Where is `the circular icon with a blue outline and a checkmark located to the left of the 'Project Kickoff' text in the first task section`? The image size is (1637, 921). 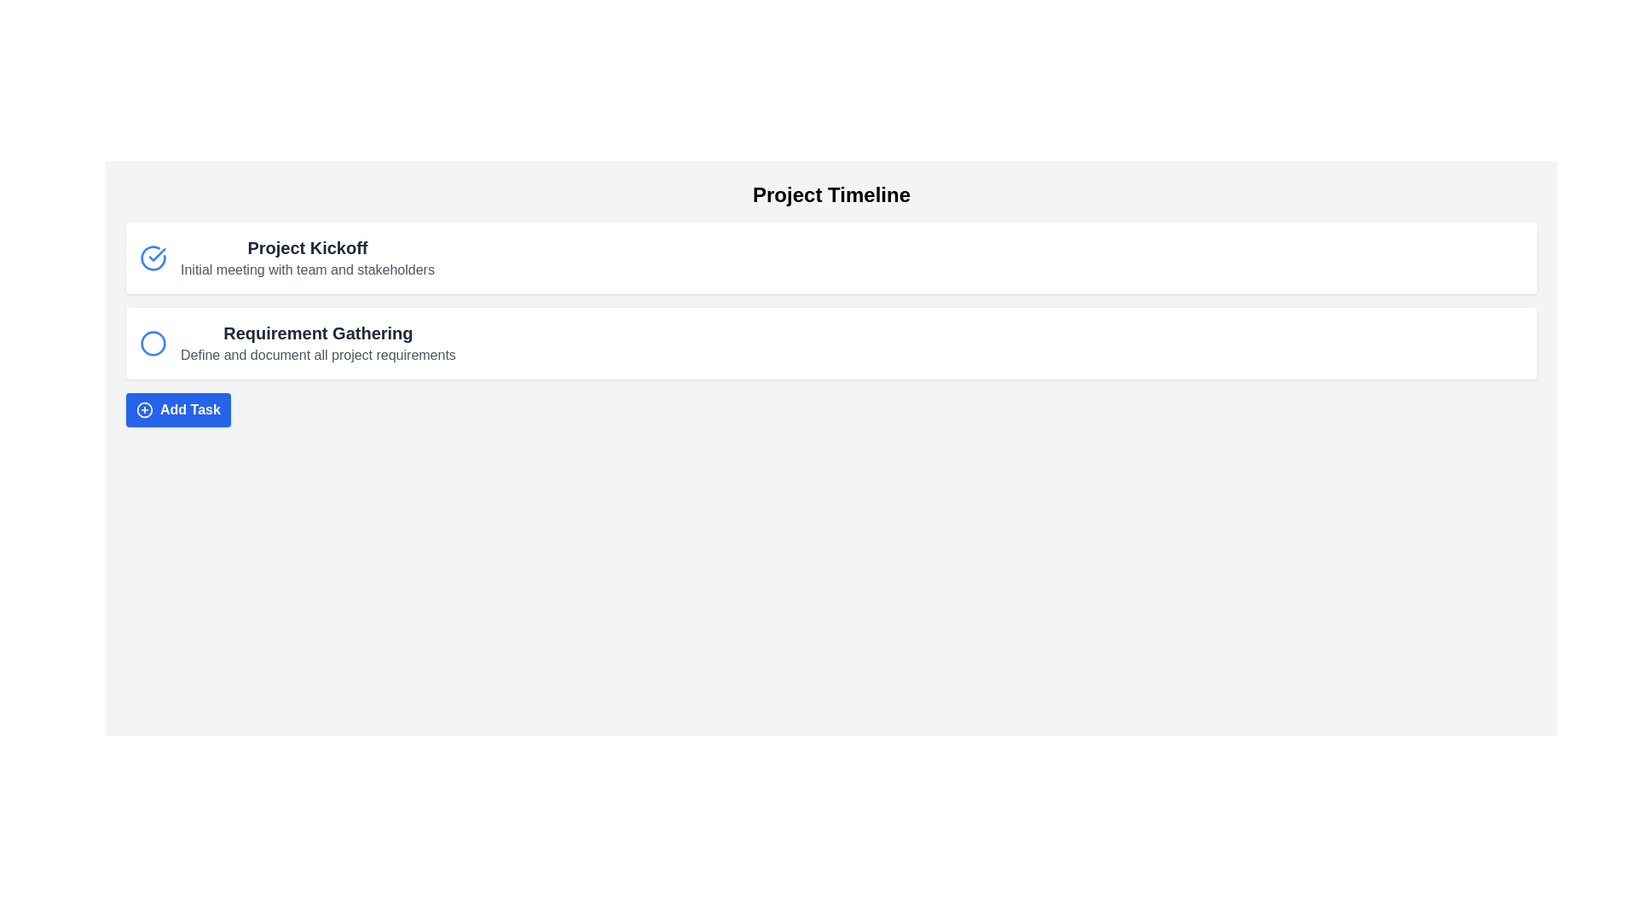 the circular icon with a blue outline and a checkmark located to the left of the 'Project Kickoff' text in the first task section is located at coordinates (153, 258).